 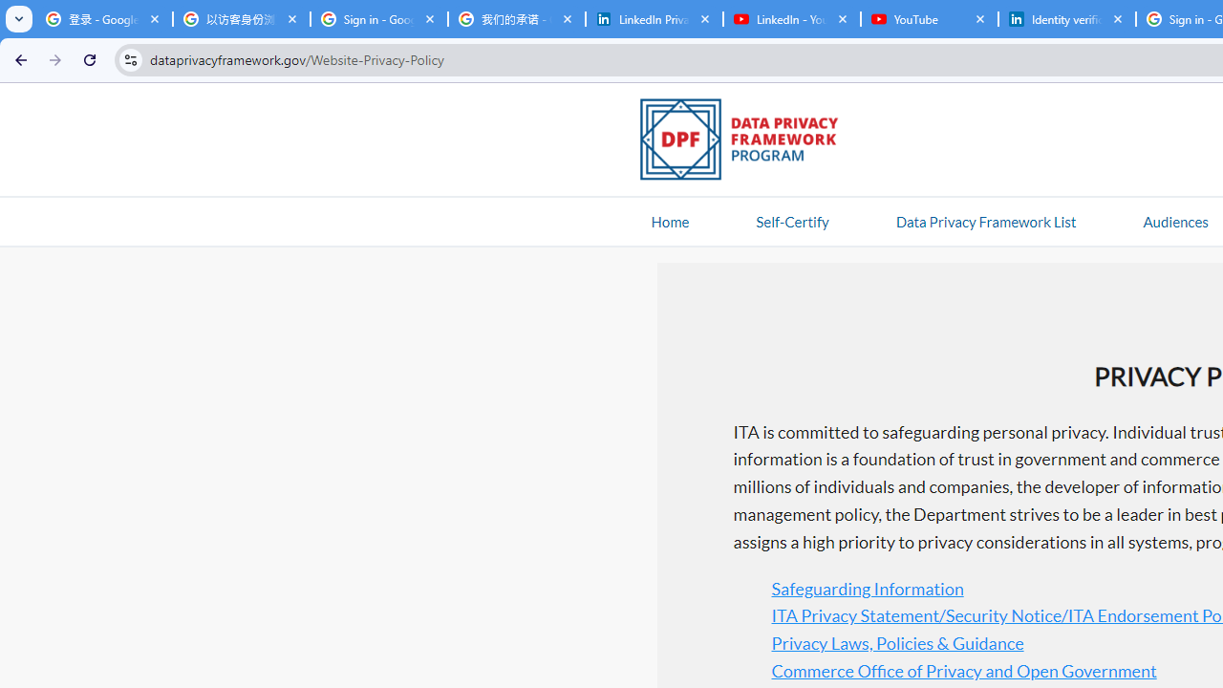 I want to click on 'Commerce Office of Privacy and Open Government', so click(x=963, y=669).